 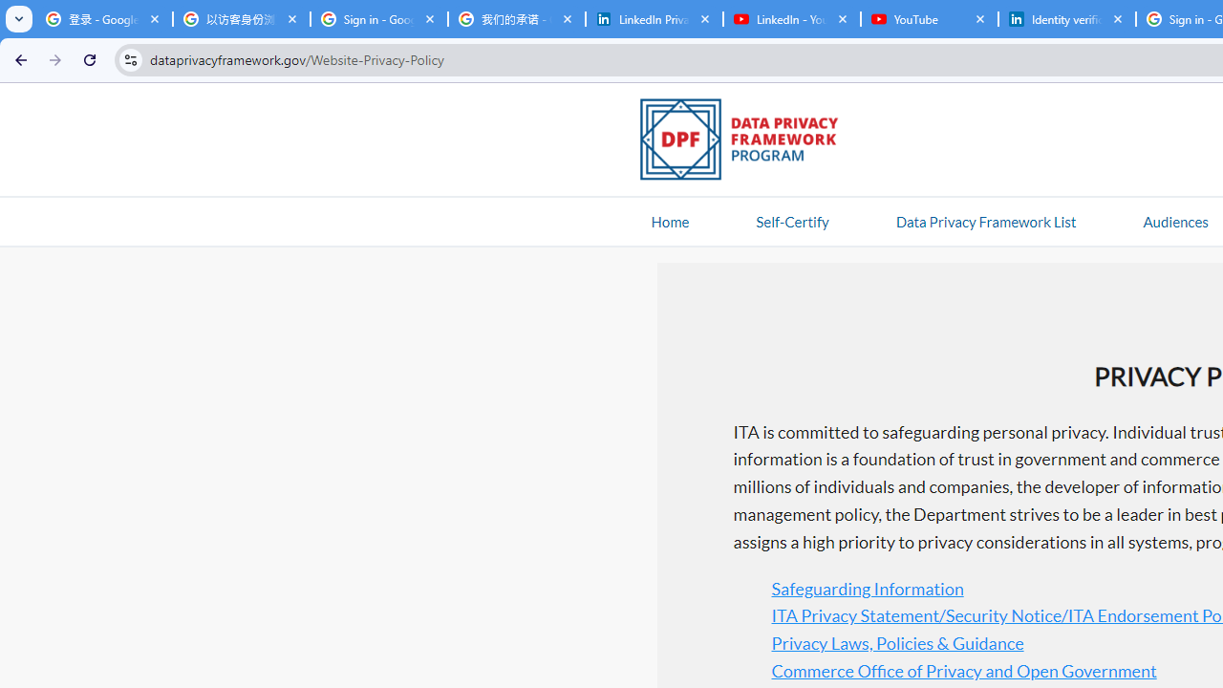 I want to click on 'Commerce Office of Privacy and Open Government', so click(x=963, y=669).